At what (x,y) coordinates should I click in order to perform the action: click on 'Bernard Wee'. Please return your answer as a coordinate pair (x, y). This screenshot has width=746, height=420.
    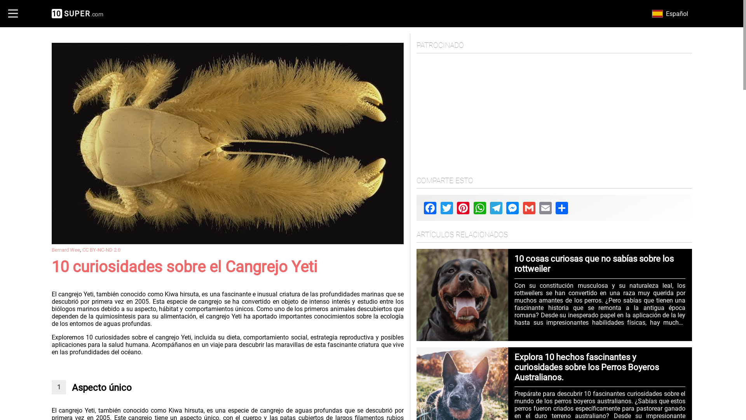
    Looking at the image, I should click on (51, 250).